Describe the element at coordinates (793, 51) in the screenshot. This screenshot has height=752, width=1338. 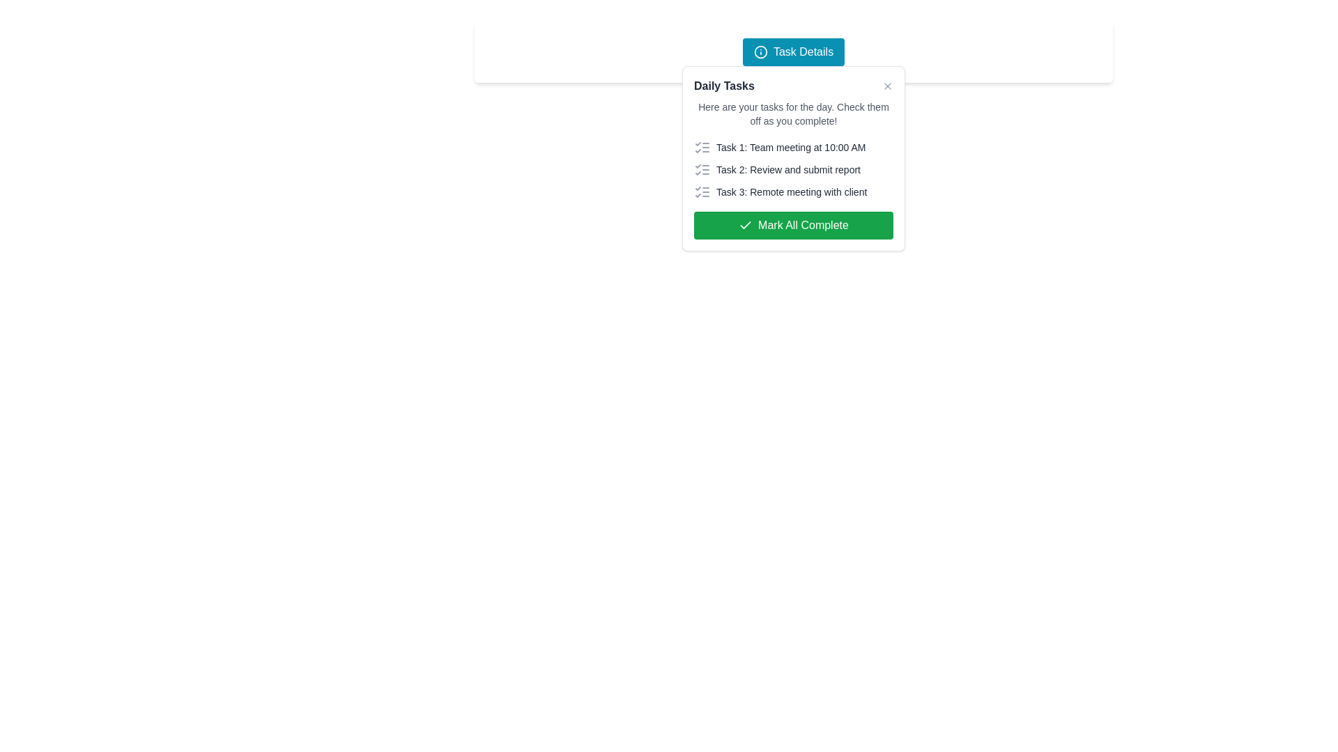
I see `the rectangular button with a cyan blue background and white text reading 'Task Details', which features a white circular information icon on the left side of the text` at that location.